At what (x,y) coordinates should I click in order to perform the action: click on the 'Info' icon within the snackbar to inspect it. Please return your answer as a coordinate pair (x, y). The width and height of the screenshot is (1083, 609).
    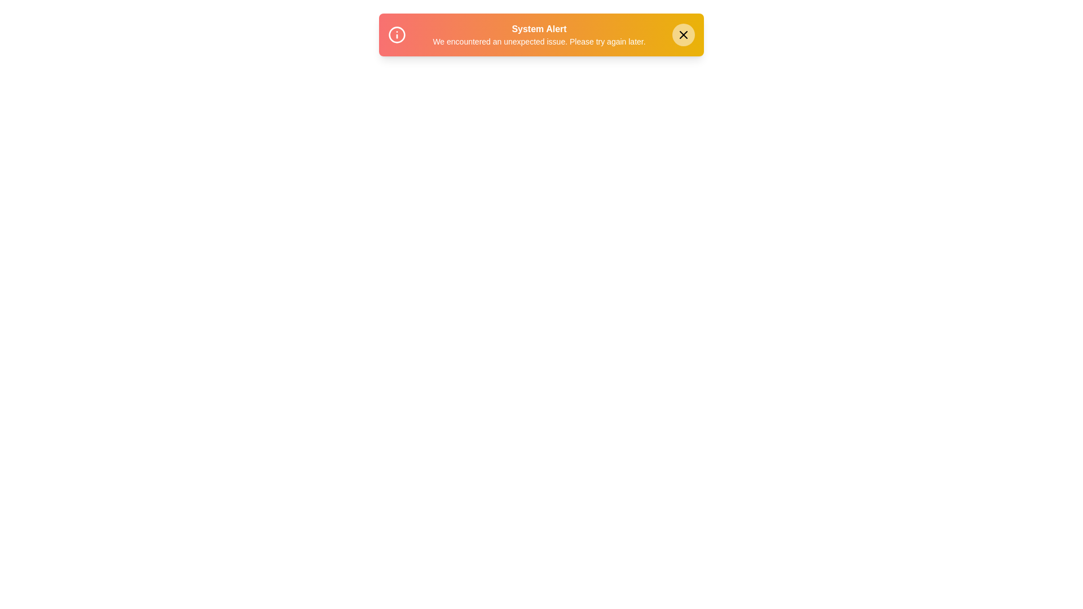
    Looking at the image, I should click on (397, 34).